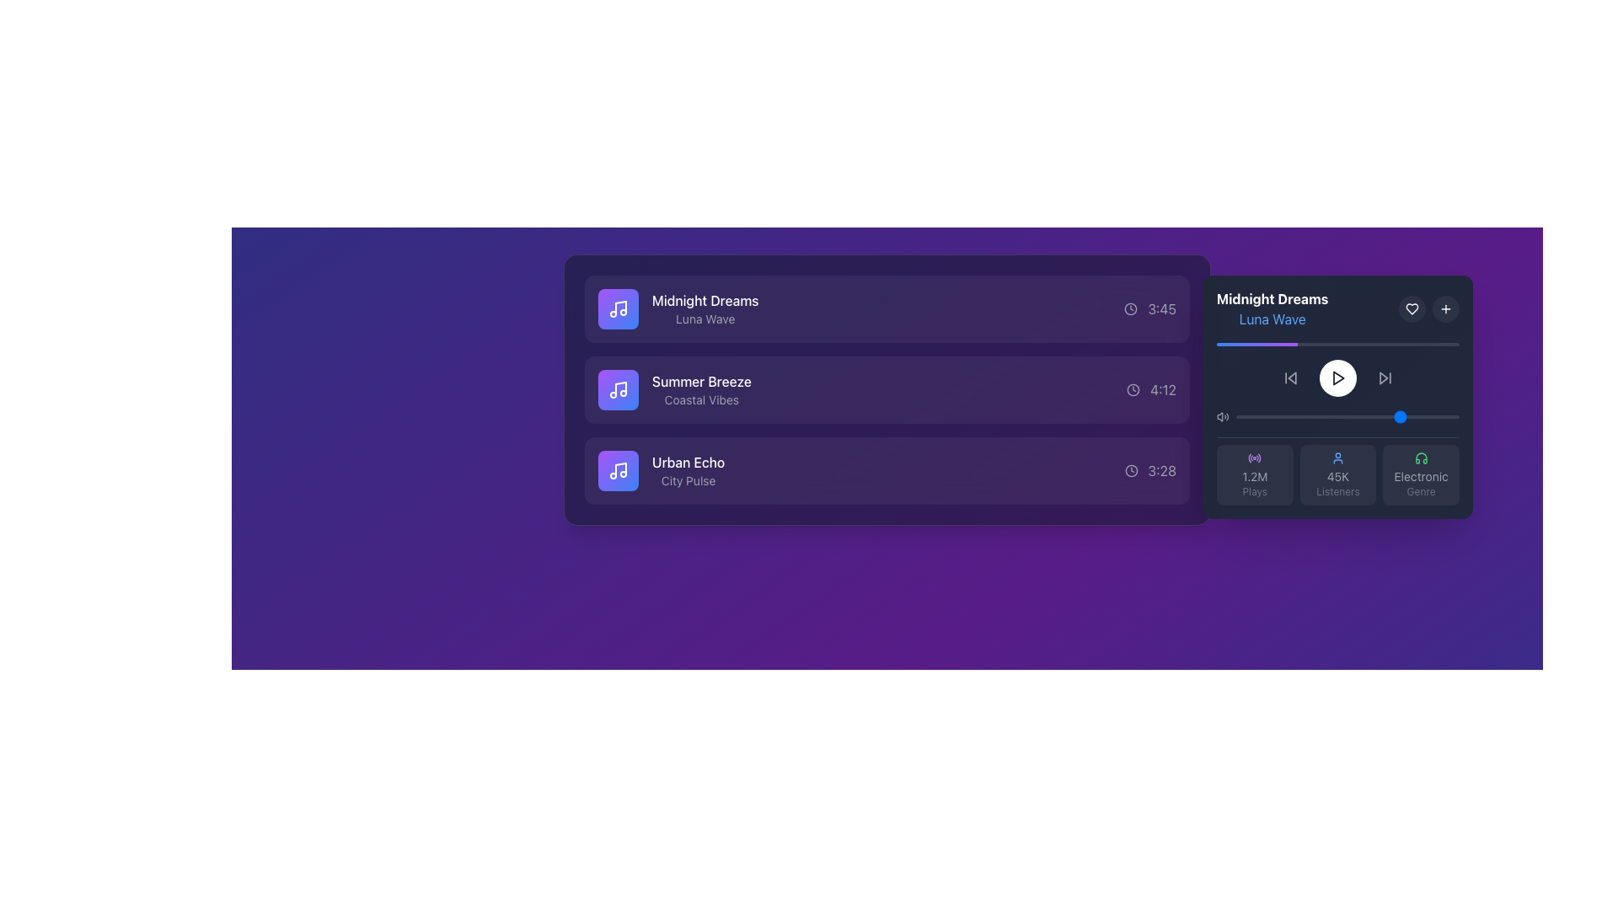 The width and height of the screenshot is (1618, 910). I want to click on to select the first list item displaying 'Midnight Dreams' in bold white font and 'Luna Wave' in smaller gray font, located to the right of an icon within a purple and blue gradient square, so click(678, 308).